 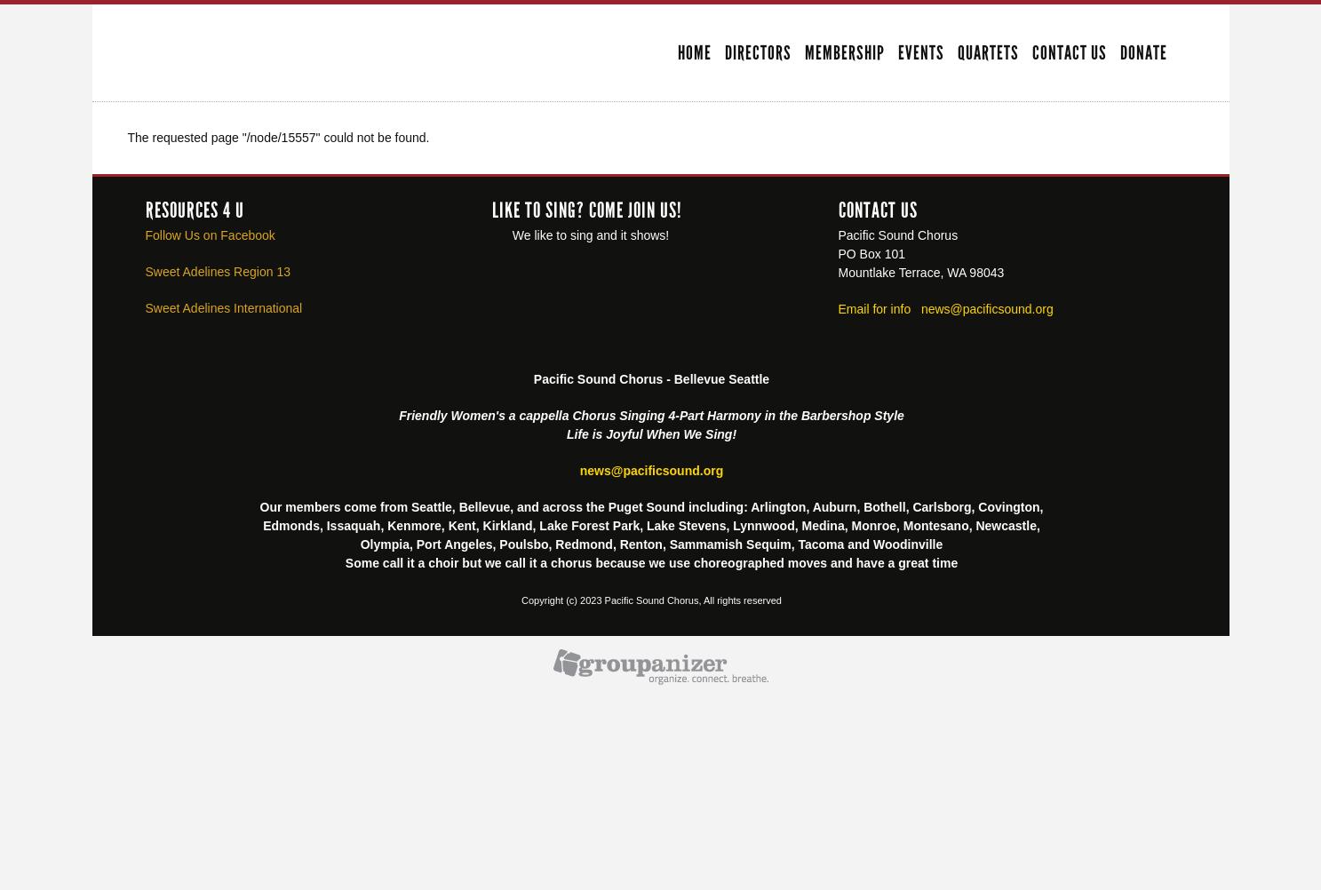 What do you see at coordinates (208, 234) in the screenshot?
I see `'Follow Us on Facebook'` at bounding box center [208, 234].